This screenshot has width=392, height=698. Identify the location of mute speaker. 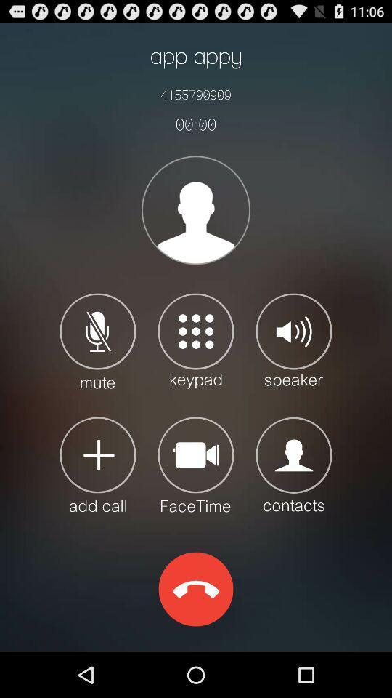
(98, 340).